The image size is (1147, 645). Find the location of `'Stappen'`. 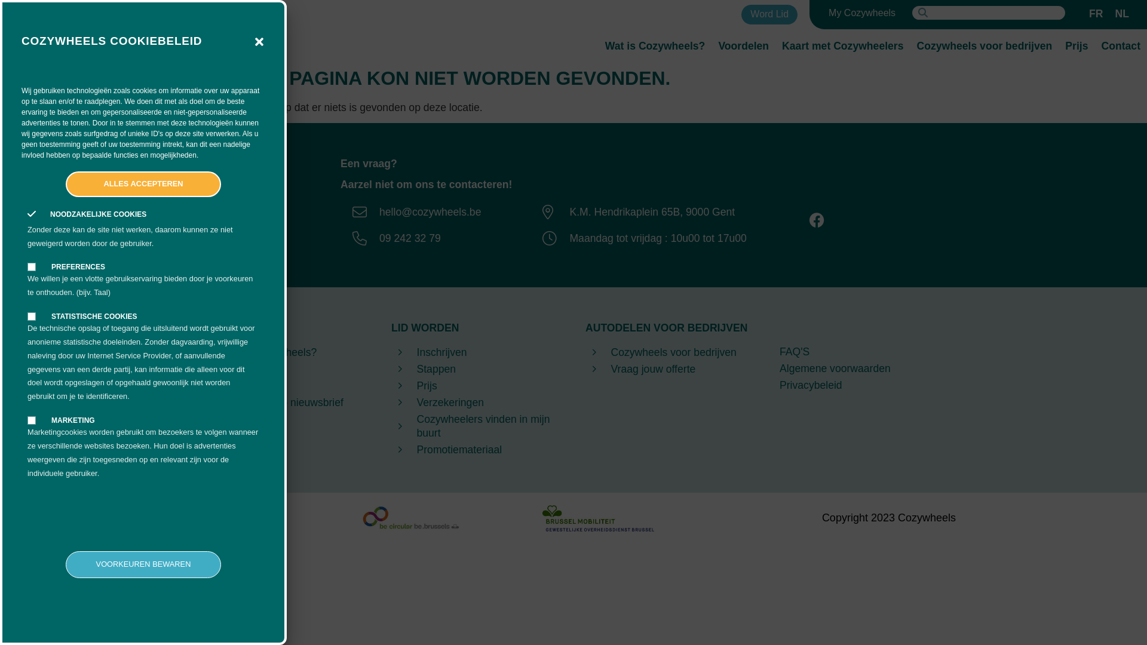

'Stappen' is located at coordinates (476, 368).